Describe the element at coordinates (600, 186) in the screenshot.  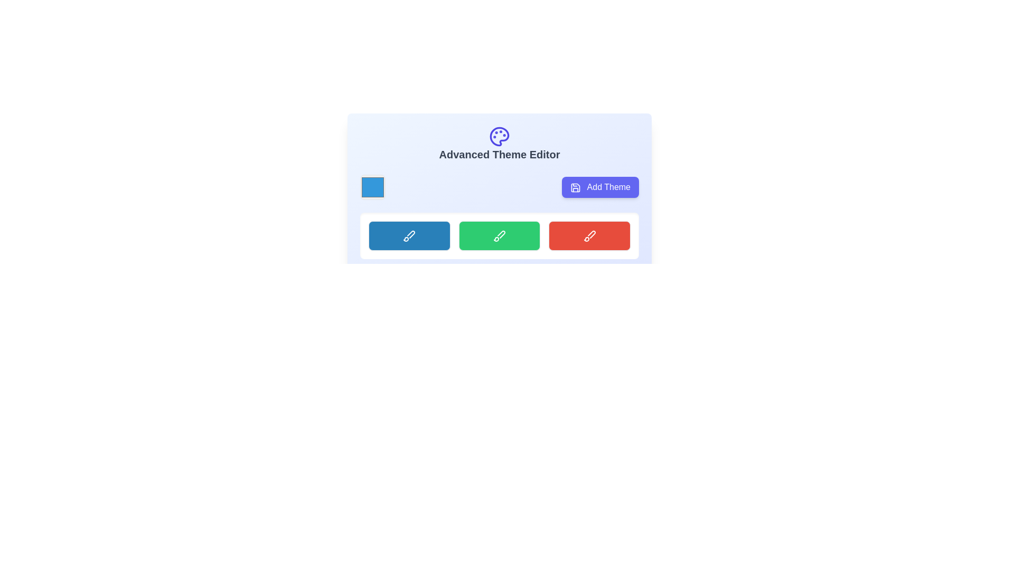
I see `the rectangular 'Add Theme' button with a purple background and white text located in the top-right area of the 'Advanced Theme Editor' panel` at that location.